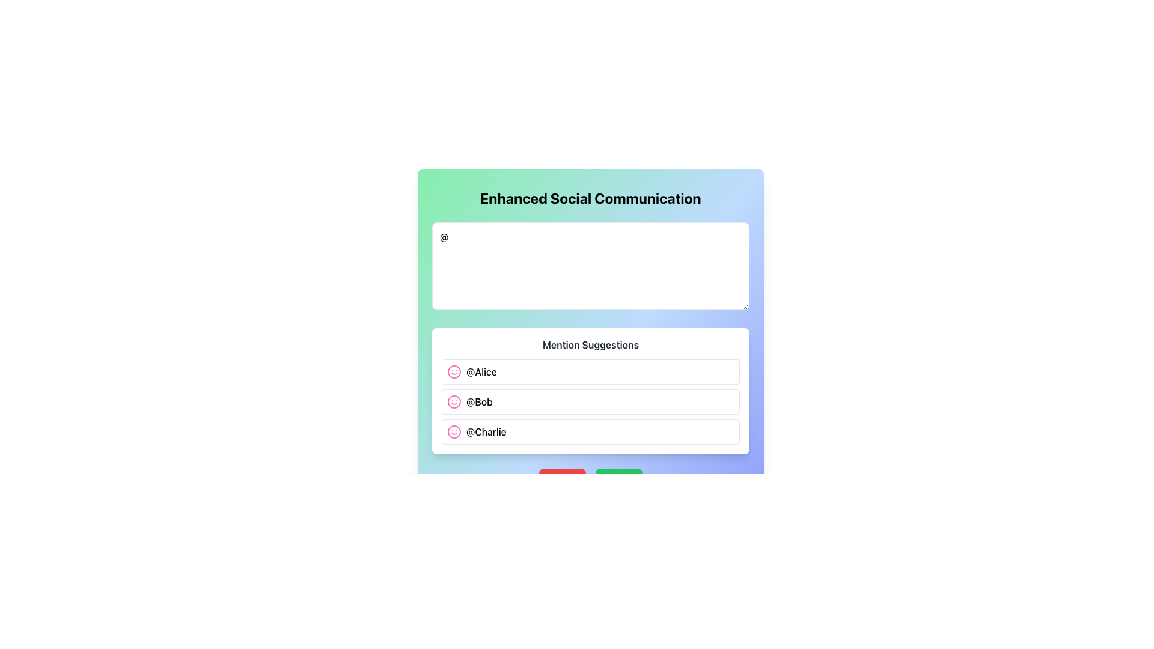  Describe the element at coordinates (453, 431) in the screenshot. I see `visual details of the icon representing the status or emotion for the '@Charlie' mention suggestion, located at the leftmost part of the suggestion item` at that location.